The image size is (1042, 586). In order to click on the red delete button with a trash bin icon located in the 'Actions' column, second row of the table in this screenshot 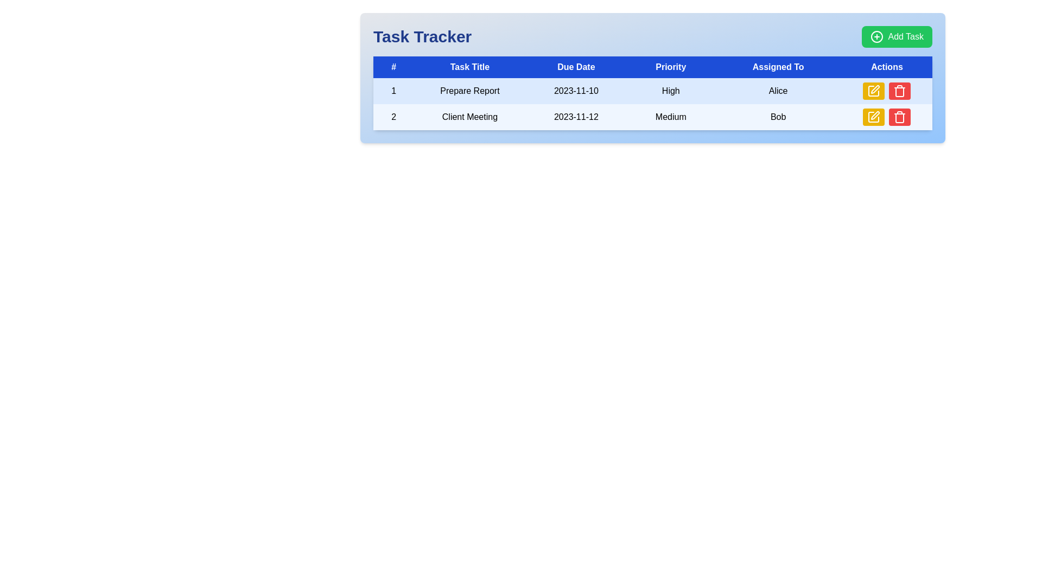, I will do `click(900, 91)`.